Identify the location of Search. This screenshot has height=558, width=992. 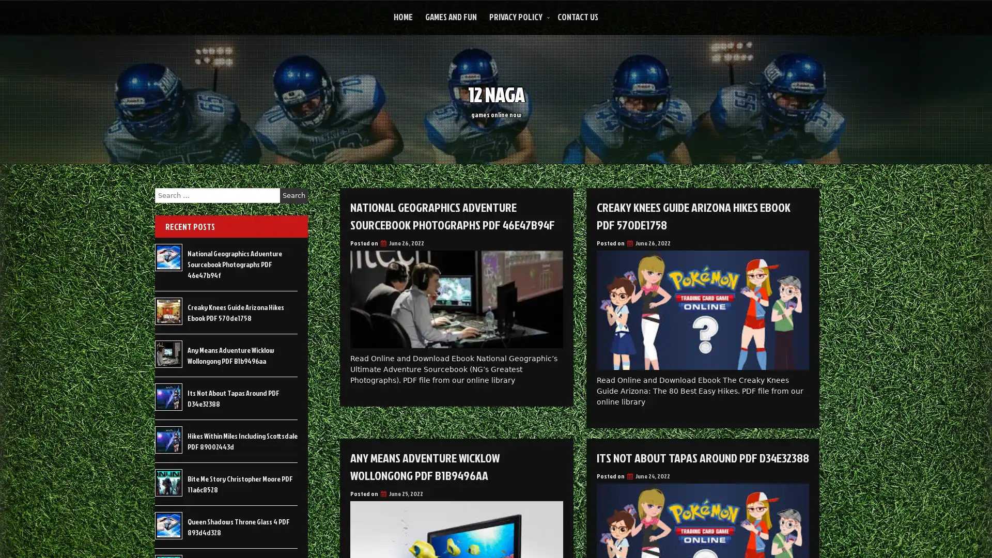
(293, 195).